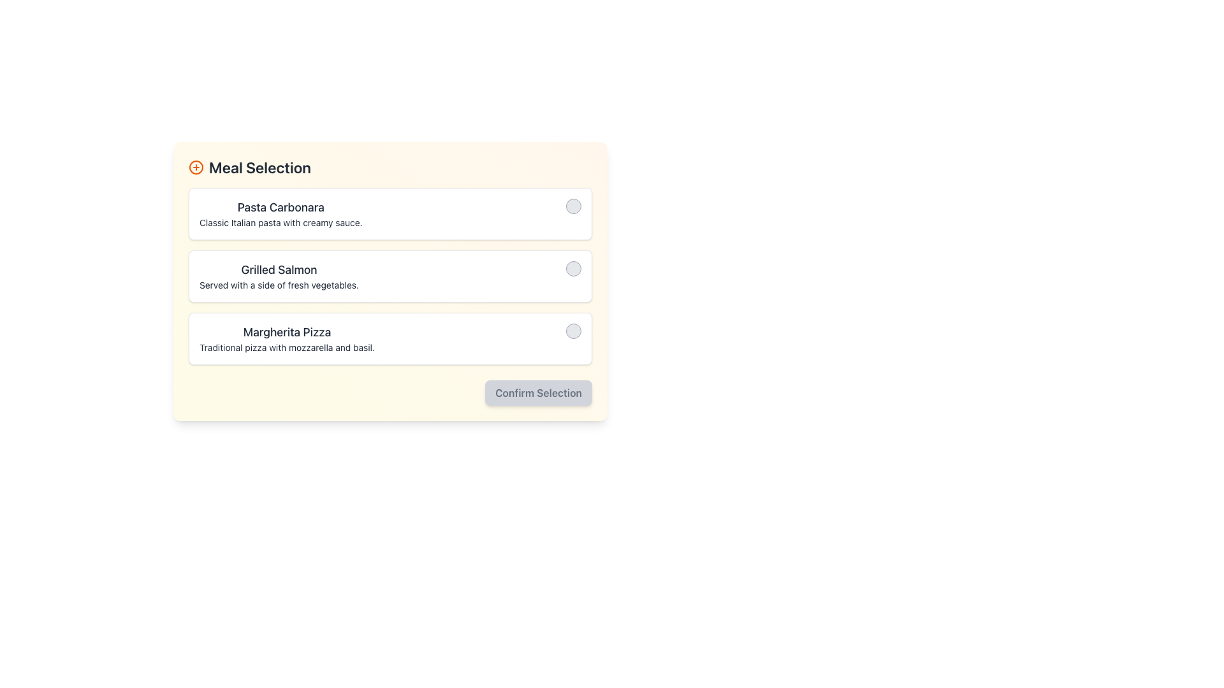  What do you see at coordinates (259, 166) in the screenshot?
I see `the 'Meal Selection' text element which displays in bold, large font in dark gray, located at the top-left corner of the meal selection interface` at bounding box center [259, 166].